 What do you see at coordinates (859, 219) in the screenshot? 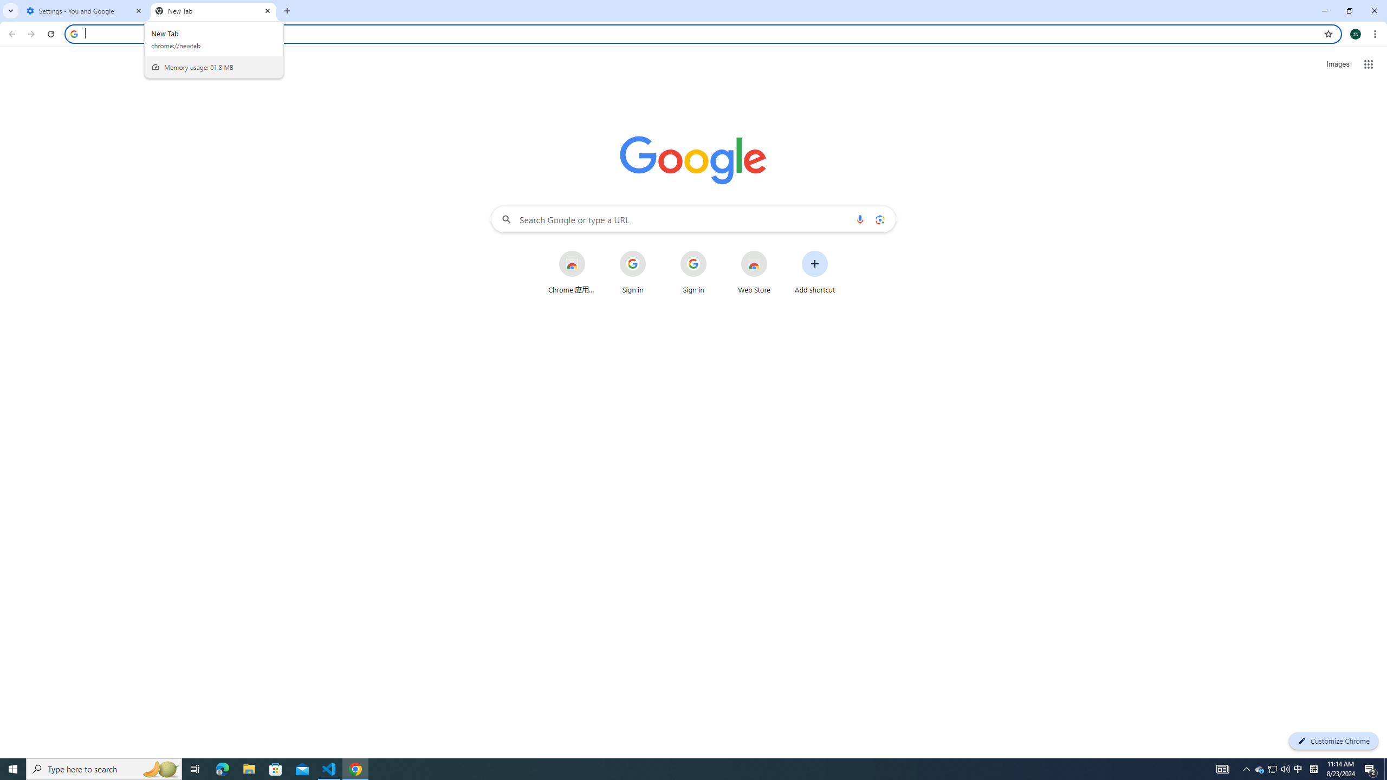
I see `'Search by voice'` at bounding box center [859, 219].